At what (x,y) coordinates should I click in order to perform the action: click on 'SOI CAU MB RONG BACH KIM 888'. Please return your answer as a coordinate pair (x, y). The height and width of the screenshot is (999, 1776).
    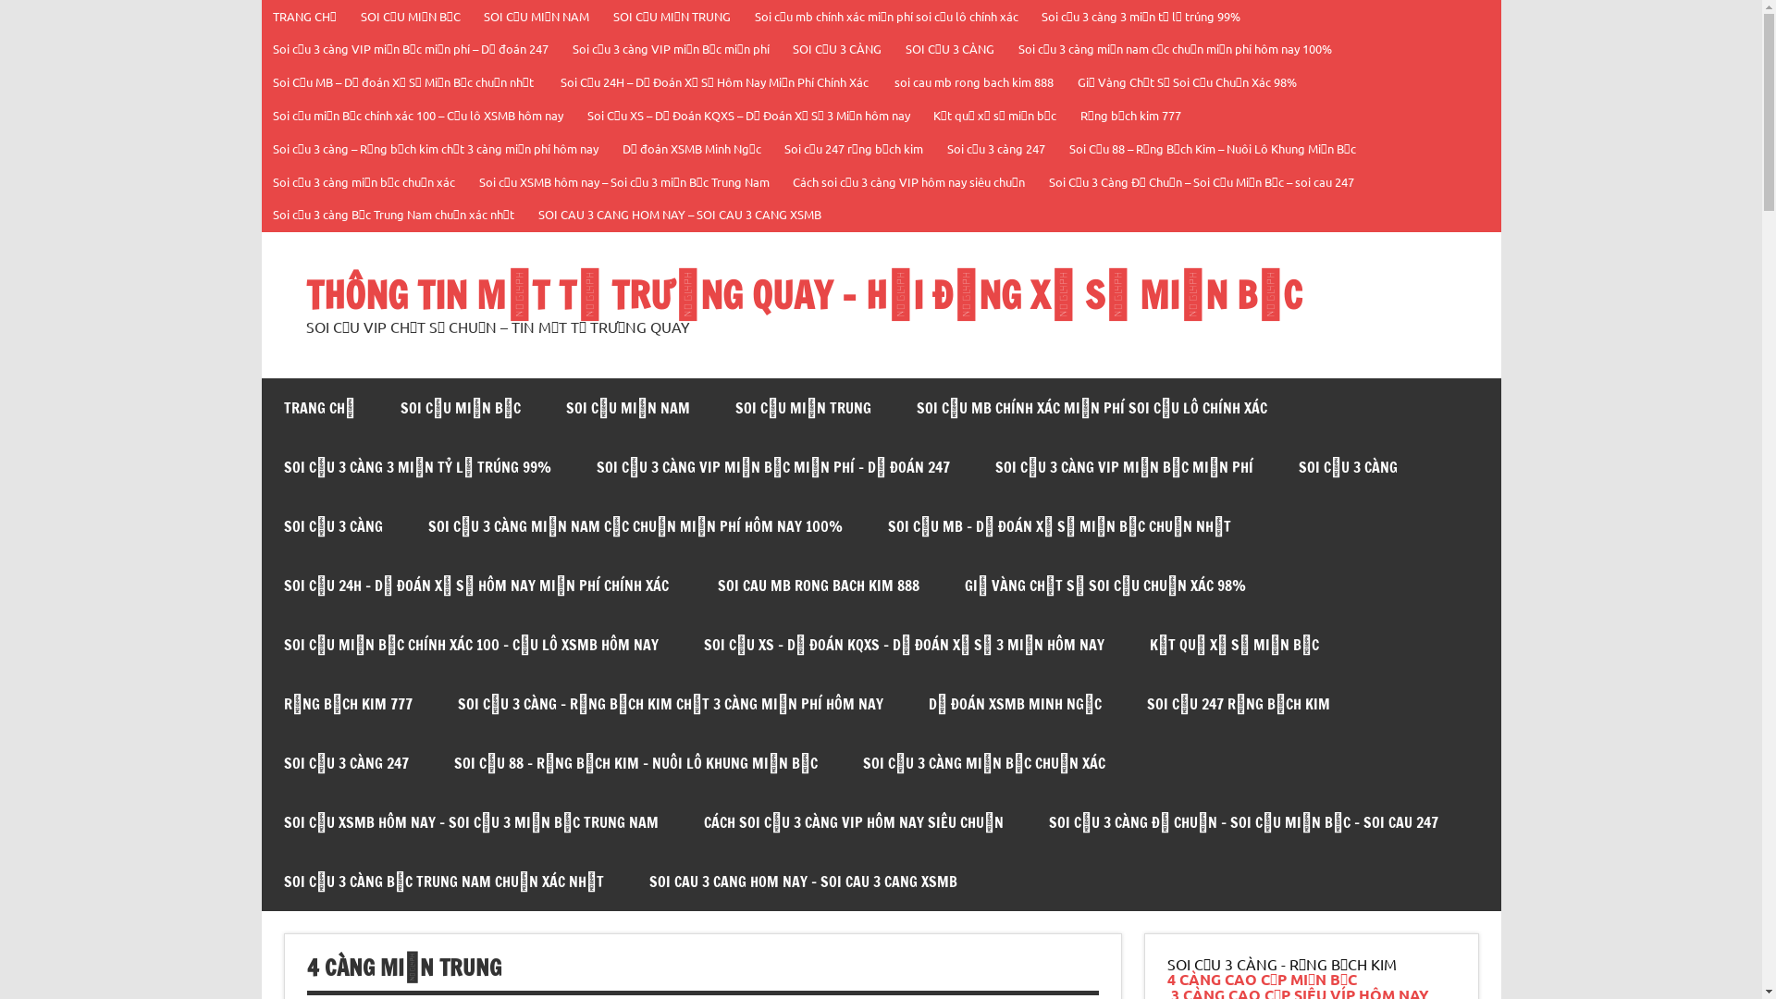
    Looking at the image, I should click on (695, 585).